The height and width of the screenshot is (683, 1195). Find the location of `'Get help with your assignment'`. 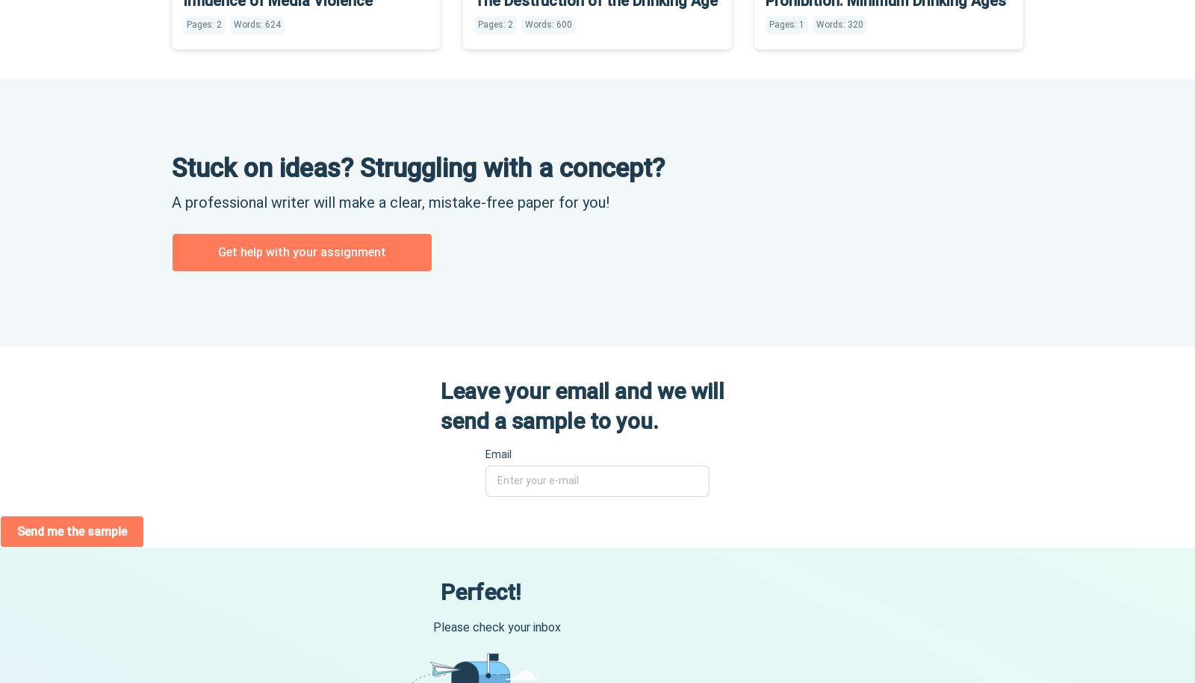

'Get help with your assignment' is located at coordinates (301, 250).